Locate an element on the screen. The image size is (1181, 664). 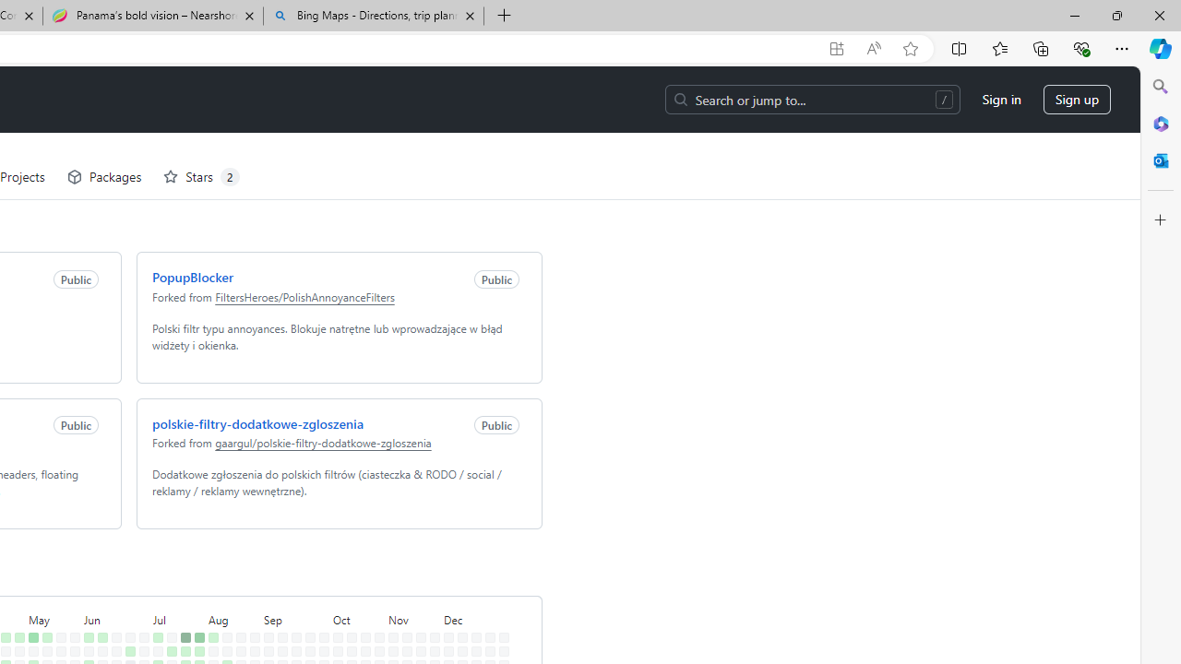
'No contributions on July 10th.' is located at coordinates (154, 612).